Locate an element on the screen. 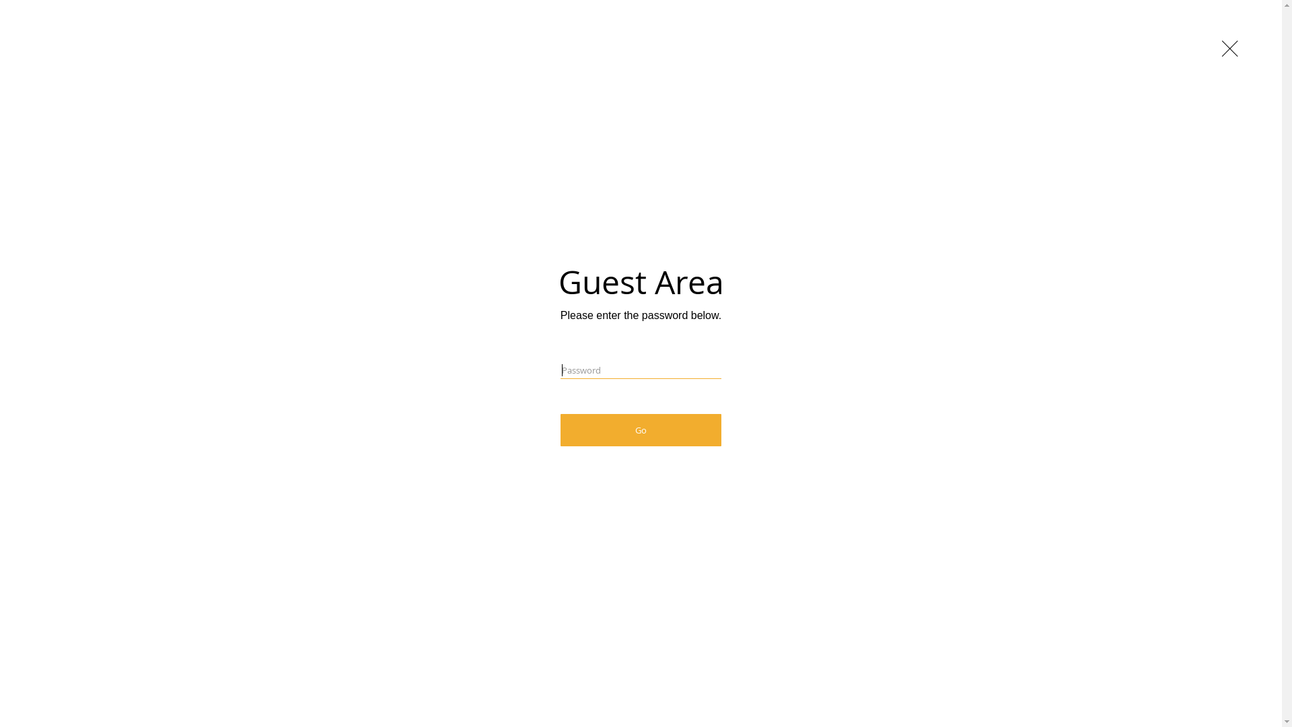 Image resolution: width=1292 pixels, height=727 pixels. 'Go' is located at coordinates (561, 430).